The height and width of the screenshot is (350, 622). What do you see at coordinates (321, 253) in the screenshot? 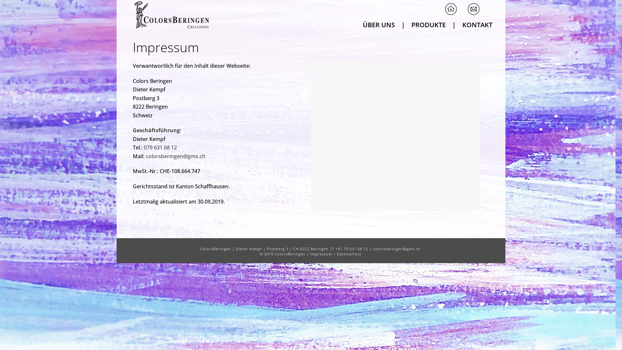
I see `'Impressum'` at bounding box center [321, 253].